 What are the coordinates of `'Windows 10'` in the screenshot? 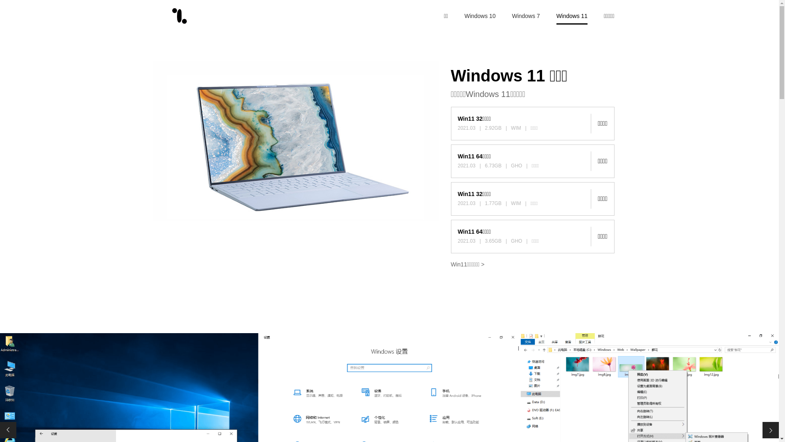 It's located at (464, 16).